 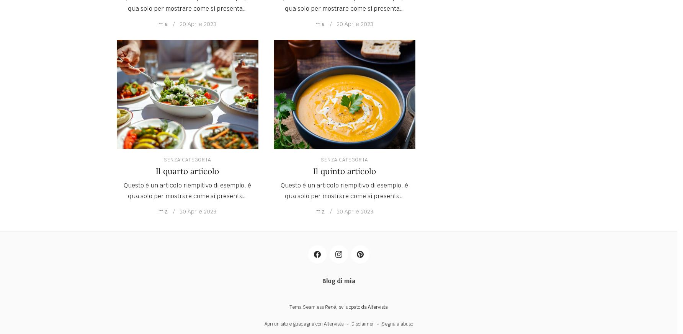 What do you see at coordinates (303, 324) in the screenshot?
I see `'Apri un sito e guadagna con Altervista'` at bounding box center [303, 324].